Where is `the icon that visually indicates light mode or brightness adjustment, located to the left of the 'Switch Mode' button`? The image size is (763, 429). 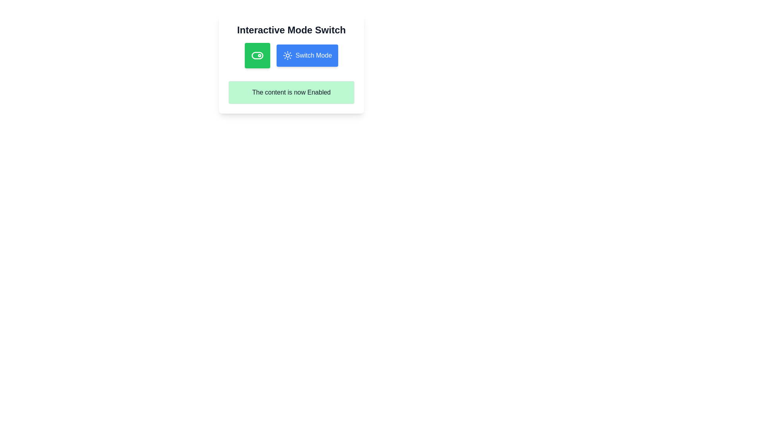
the icon that visually indicates light mode or brightness adjustment, located to the left of the 'Switch Mode' button is located at coordinates (287, 55).